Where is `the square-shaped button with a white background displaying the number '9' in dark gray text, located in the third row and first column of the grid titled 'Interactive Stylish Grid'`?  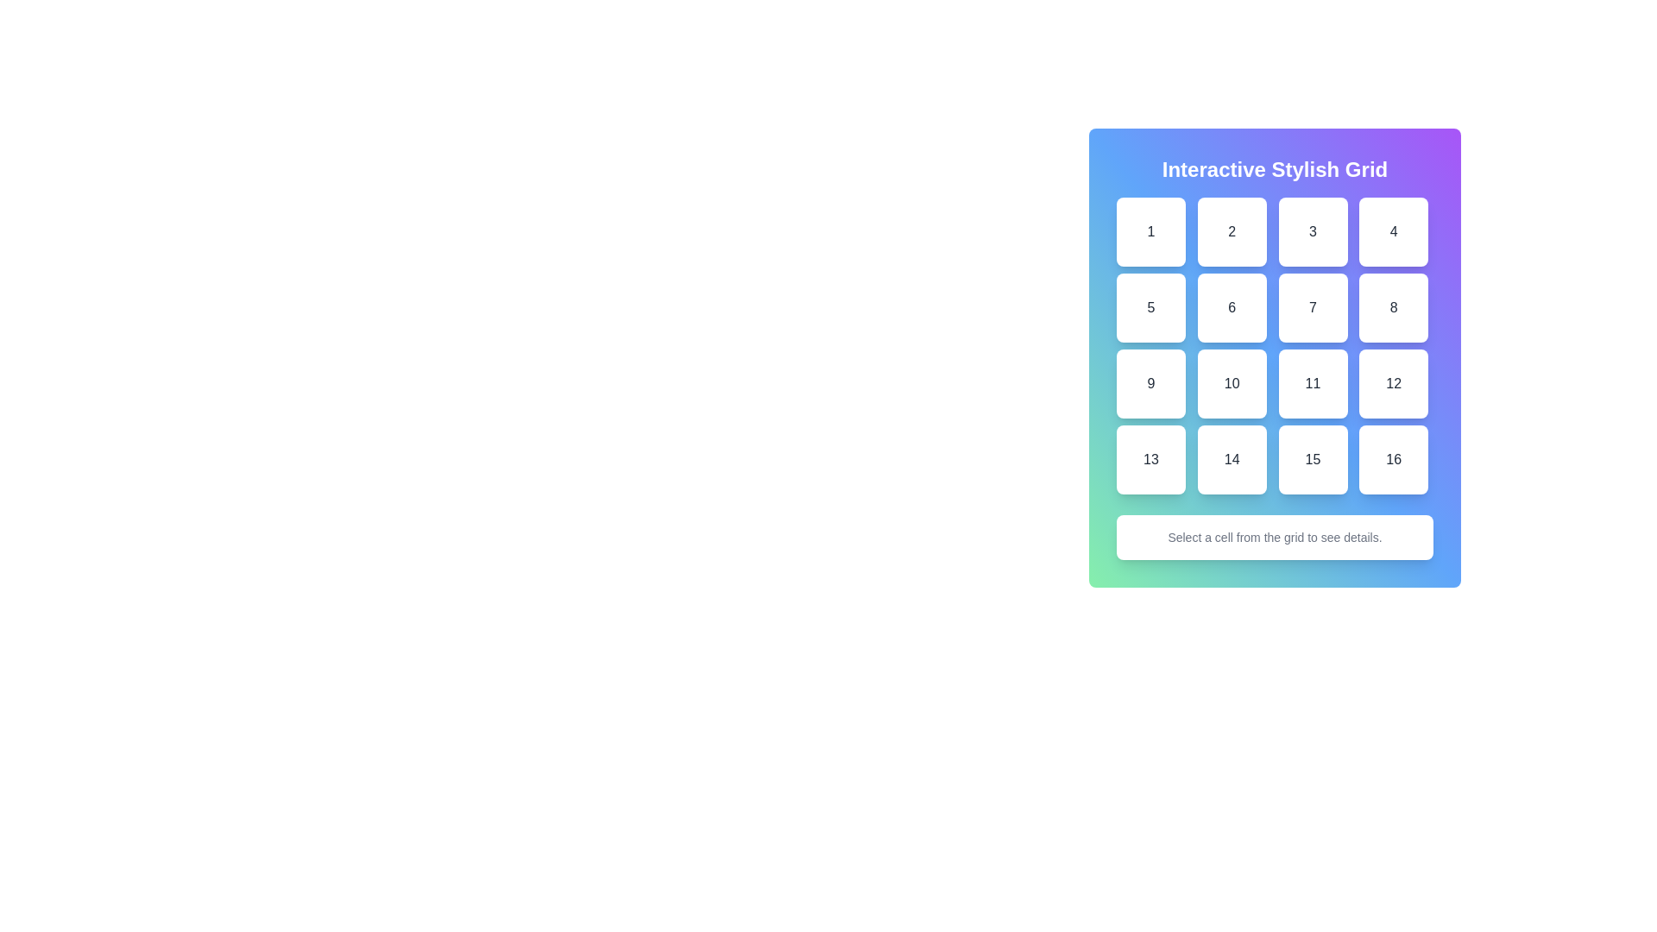 the square-shaped button with a white background displaying the number '9' in dark gray text, located in the third row and first column of the grid titled 'Interactive Stylish Grid' is located at coordinates (1151, 382).